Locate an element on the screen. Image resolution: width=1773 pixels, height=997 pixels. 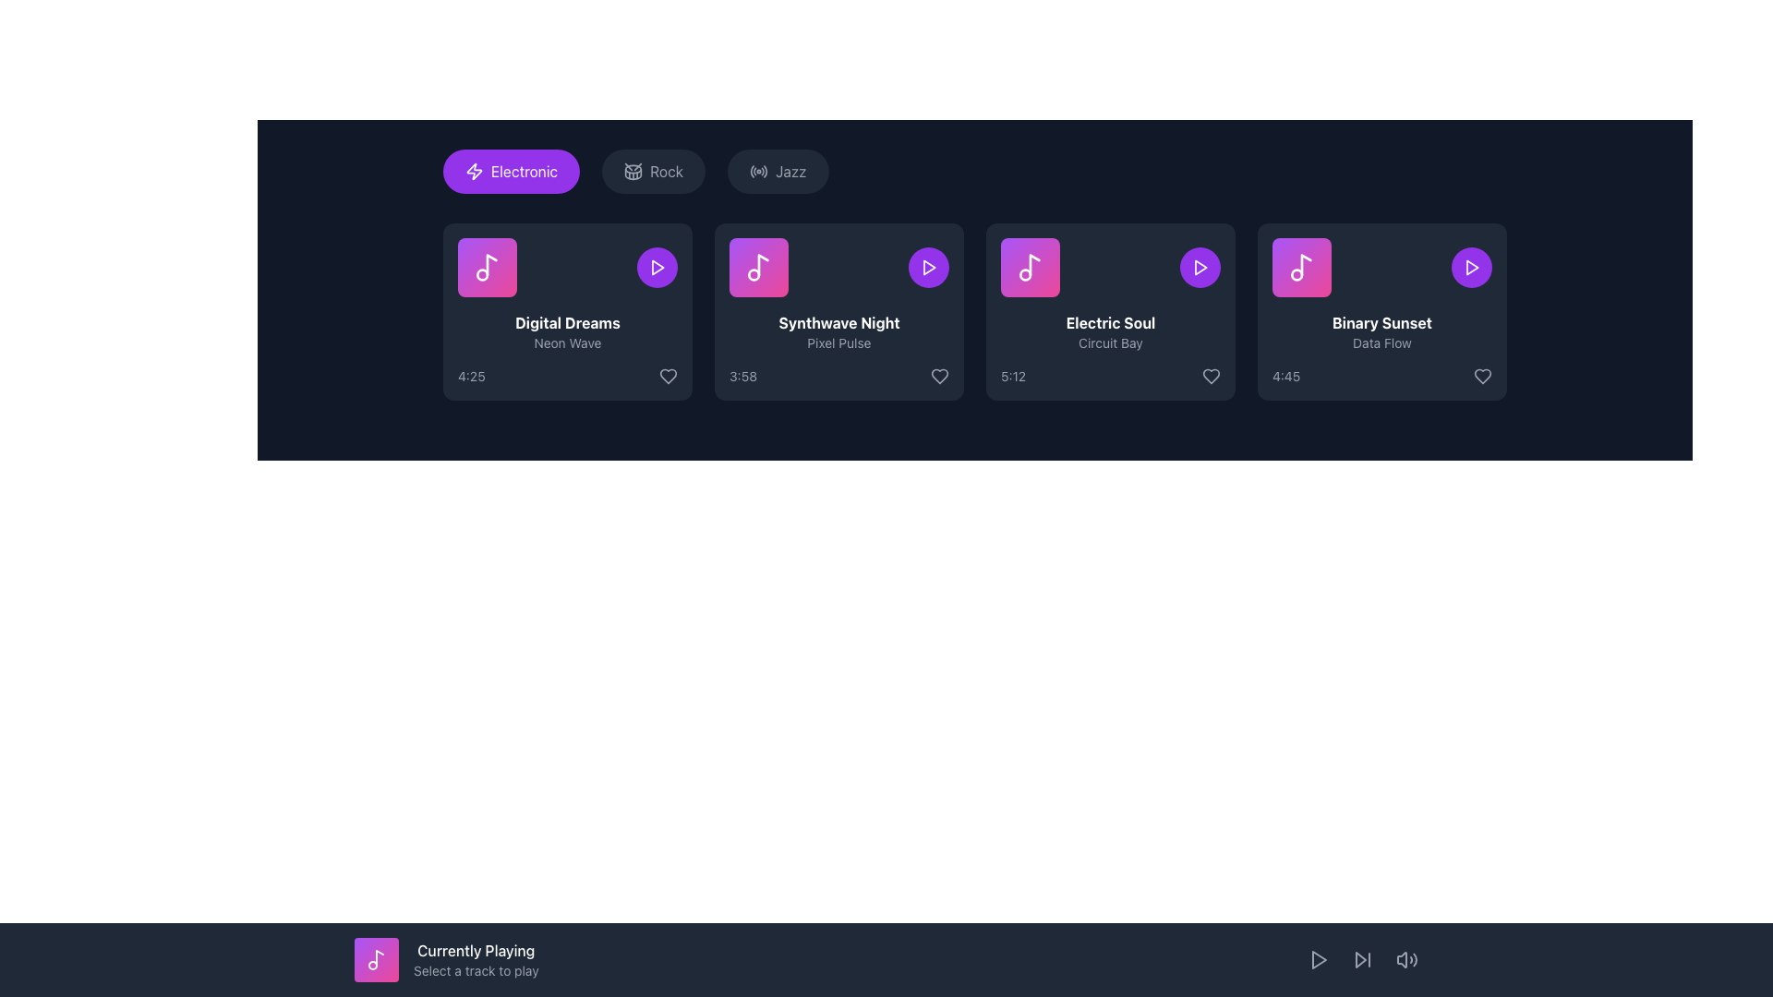
the text label displaying 'Binary Sunset' in bold white font with a glow effect, located above the 'Data Flow' text element is located at coordinates (1382, 322).